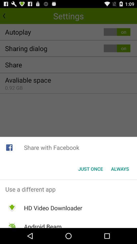  What do you see at coordinates (90, 169) in the screenshot?
I see `the item below the share with facebook` at bounding box center [90, 169].